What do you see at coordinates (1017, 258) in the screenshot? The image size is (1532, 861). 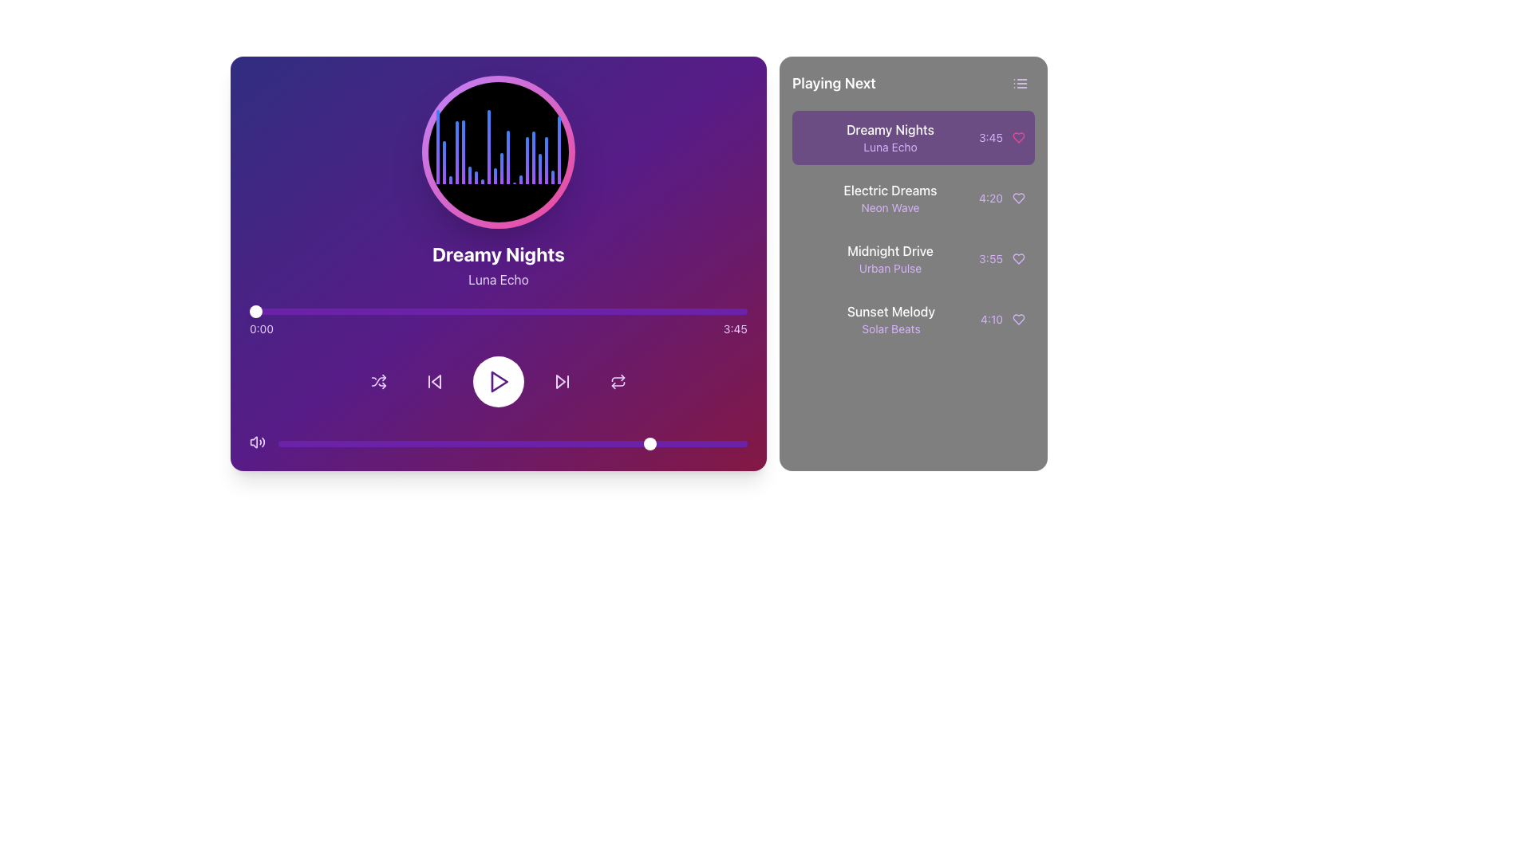 I see `the center of the heart-shaped button outlined in purple, located to the right of the '3:55' duration in the 'Playing Next' section of the playlist` at bounding box center [1017, 258].